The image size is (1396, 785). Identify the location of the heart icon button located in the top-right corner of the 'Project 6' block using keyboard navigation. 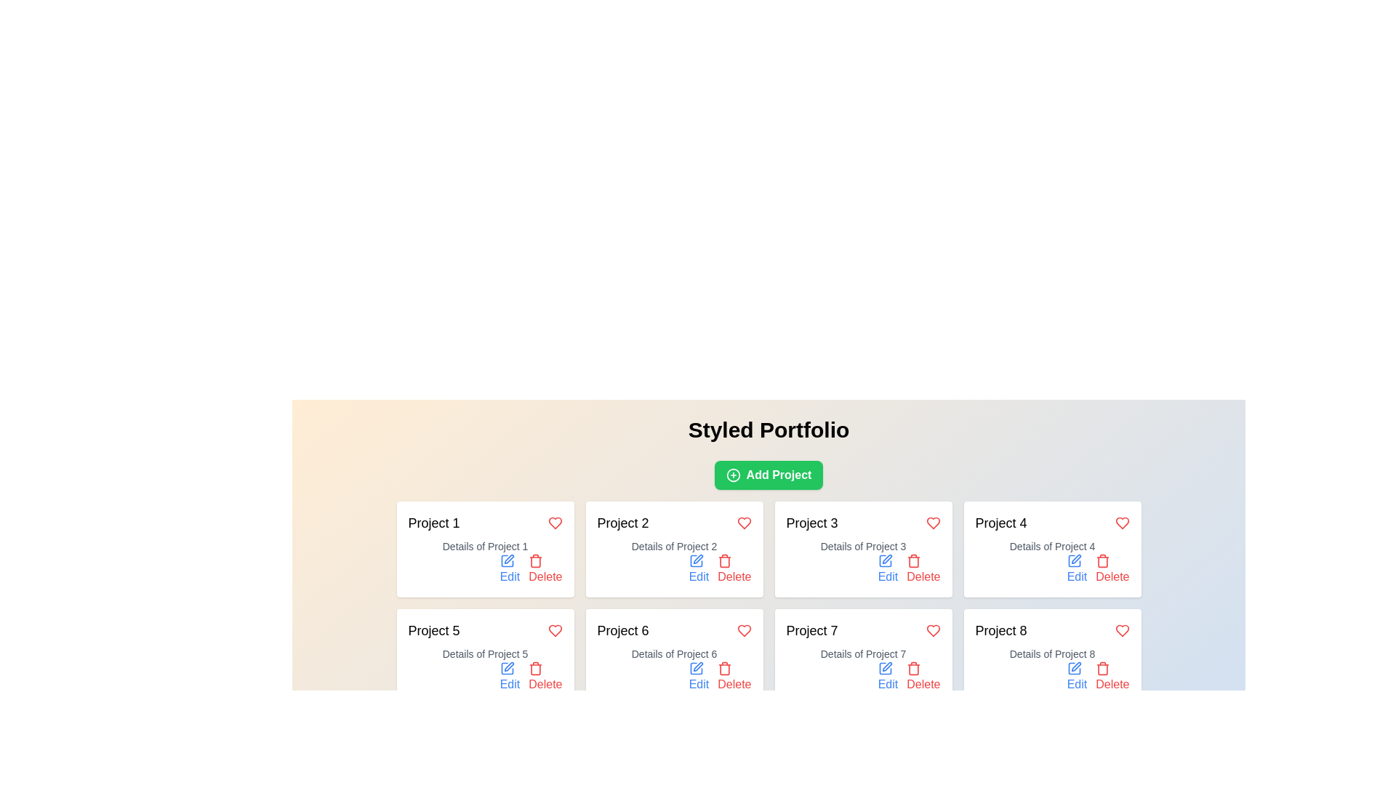
(744, 629).